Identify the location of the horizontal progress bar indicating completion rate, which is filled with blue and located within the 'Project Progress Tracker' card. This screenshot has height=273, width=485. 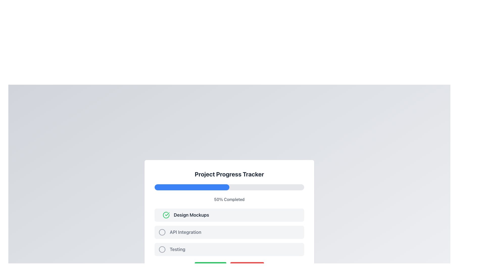
(229, 187).